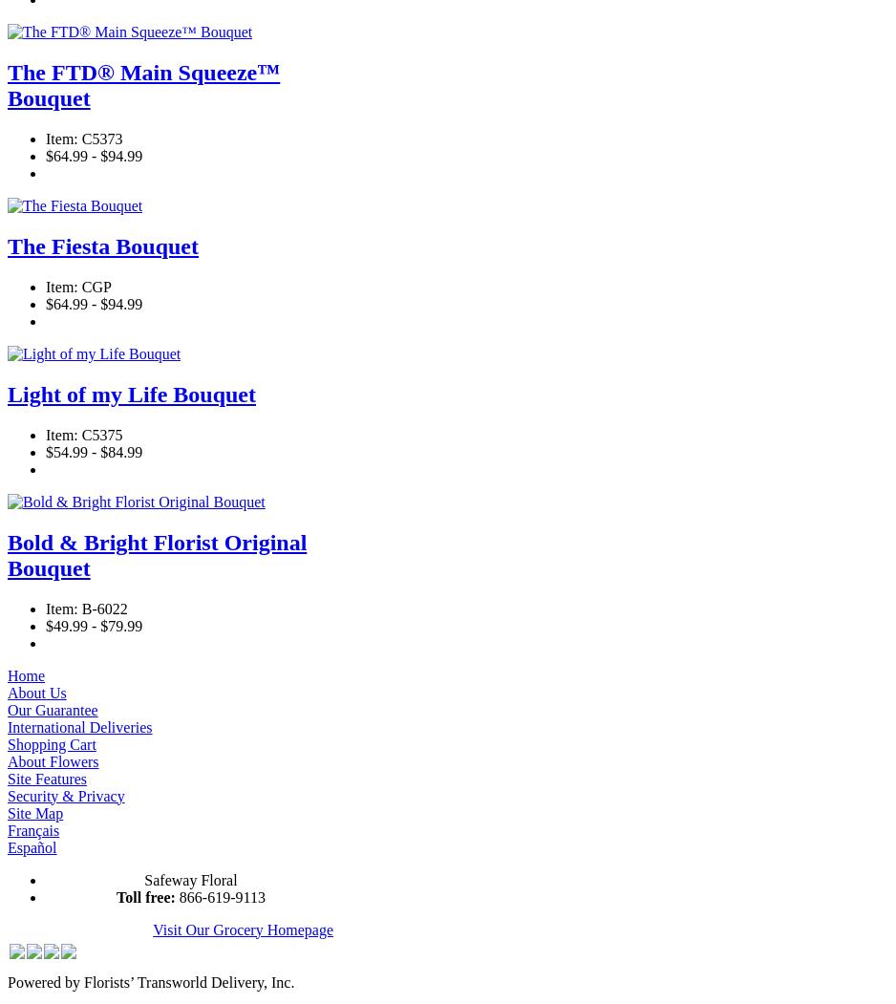 This screenshot has width=896, height=1004. Describe the element at coordinates (51, 709) in the screenshot. I see `'Our Guarantee'` at that location.